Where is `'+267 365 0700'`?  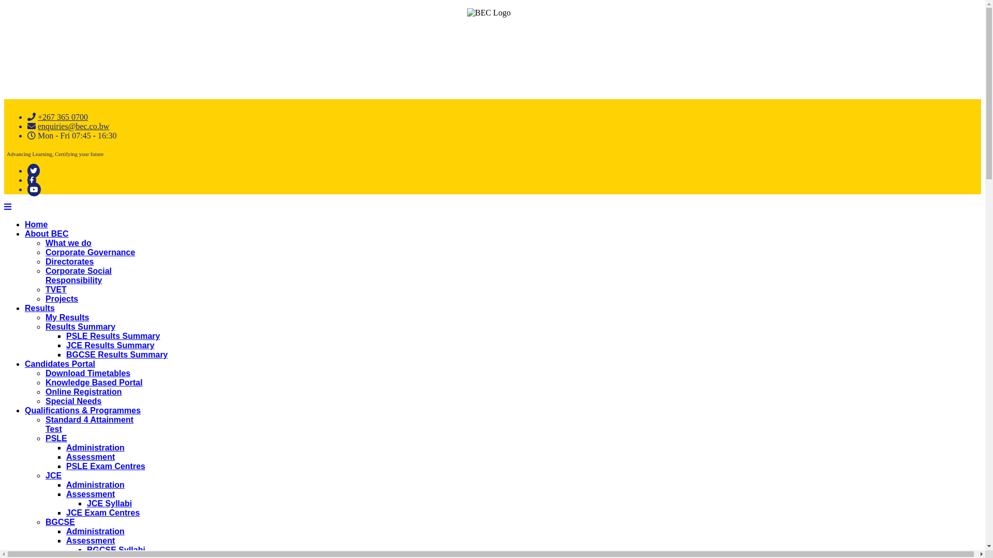
'+267 365 0700' is located at coordinates (62, 116).